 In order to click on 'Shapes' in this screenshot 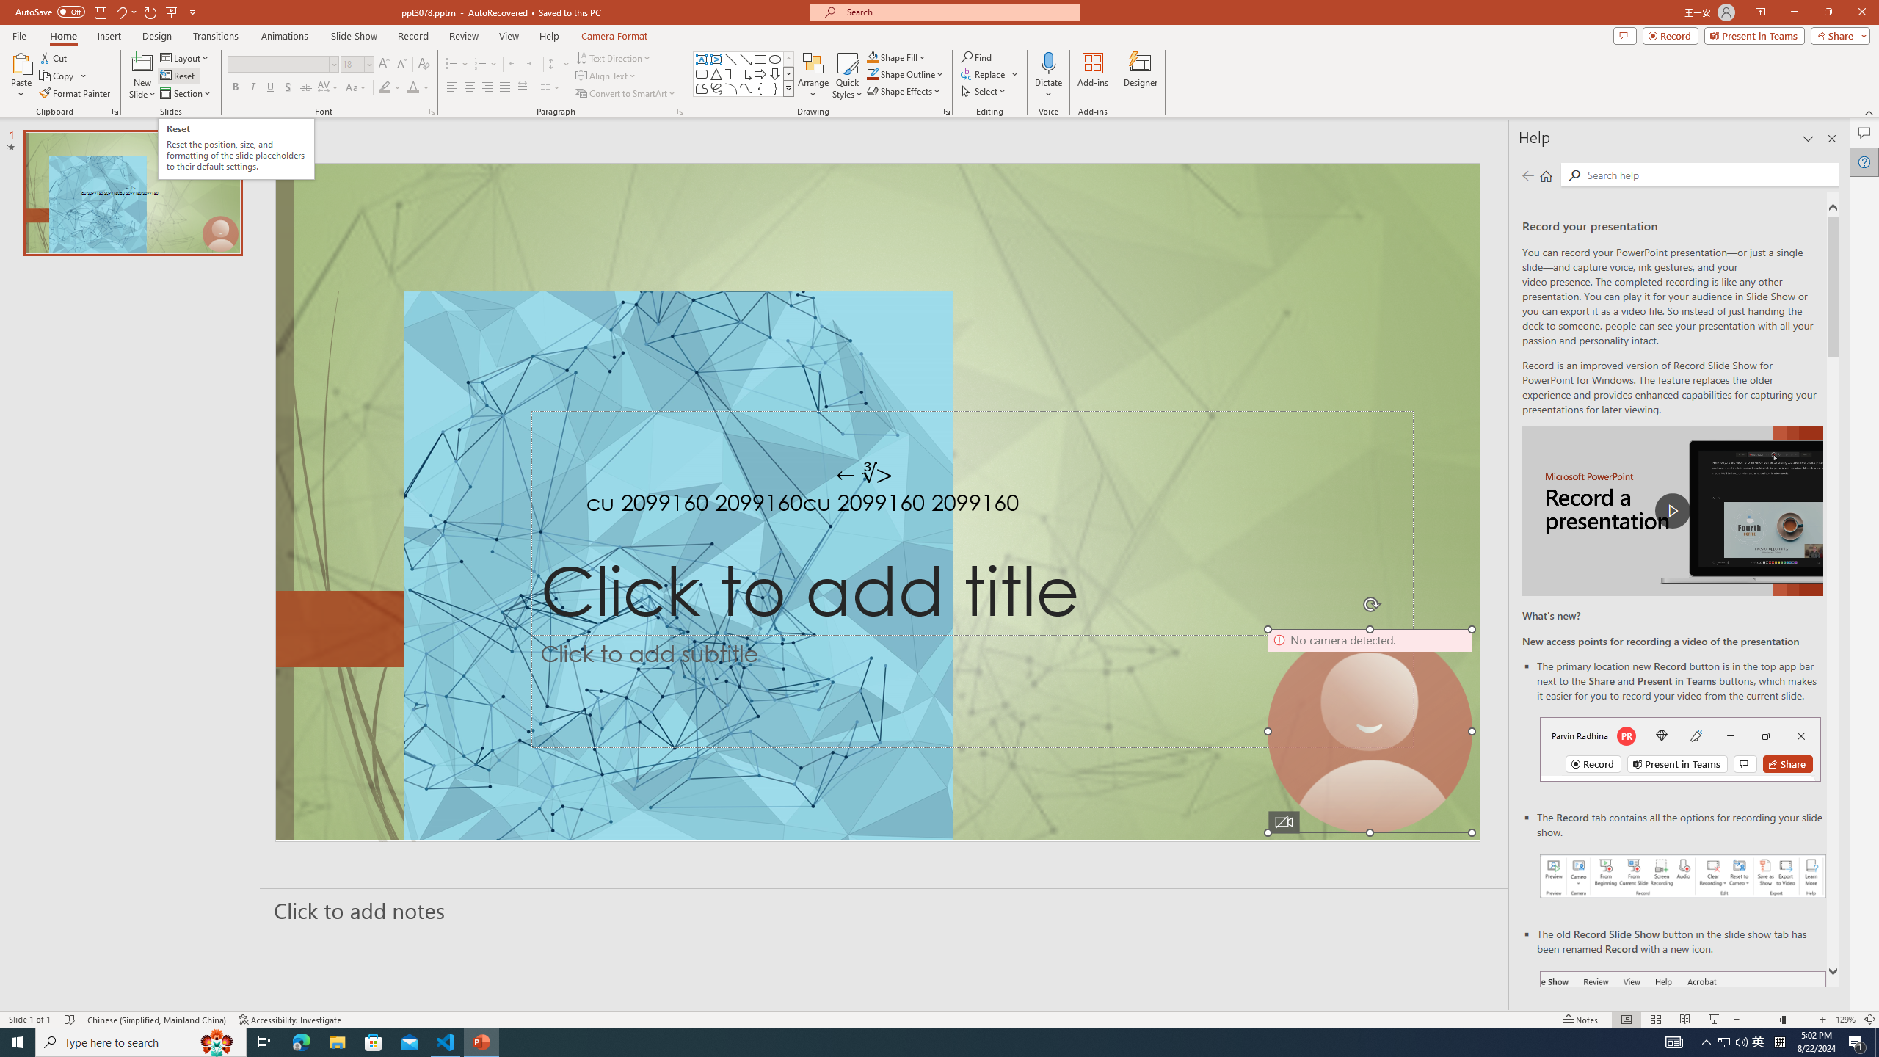, I will do `click(789, 87)`.